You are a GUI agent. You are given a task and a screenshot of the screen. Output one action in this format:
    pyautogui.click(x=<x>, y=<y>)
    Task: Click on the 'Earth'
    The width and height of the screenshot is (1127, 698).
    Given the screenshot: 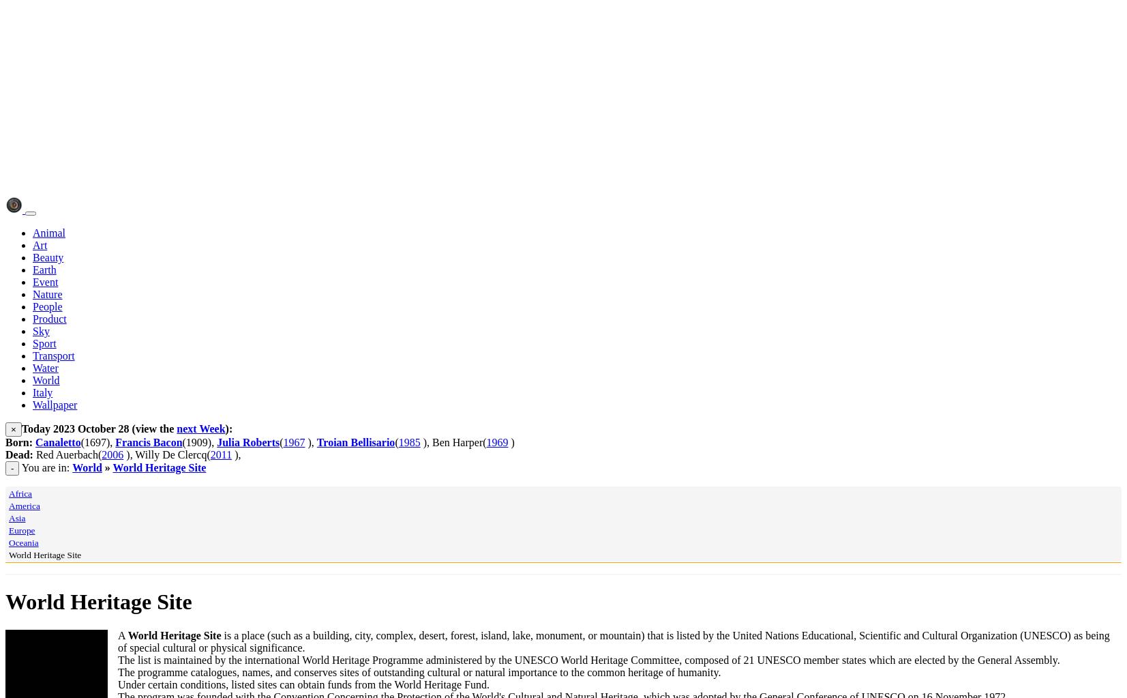 What is the action you would take?
    pyautogui.click(x=43, y=270)
    